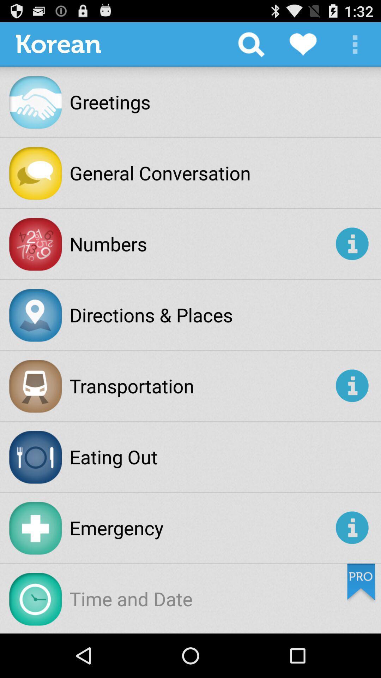 Image resolution: width=381 pixels, height=678 pixels. What do you see at coordinates (201, 244) in the screenshot?
I see `the numbers icon` at bounding box center [201, 244].